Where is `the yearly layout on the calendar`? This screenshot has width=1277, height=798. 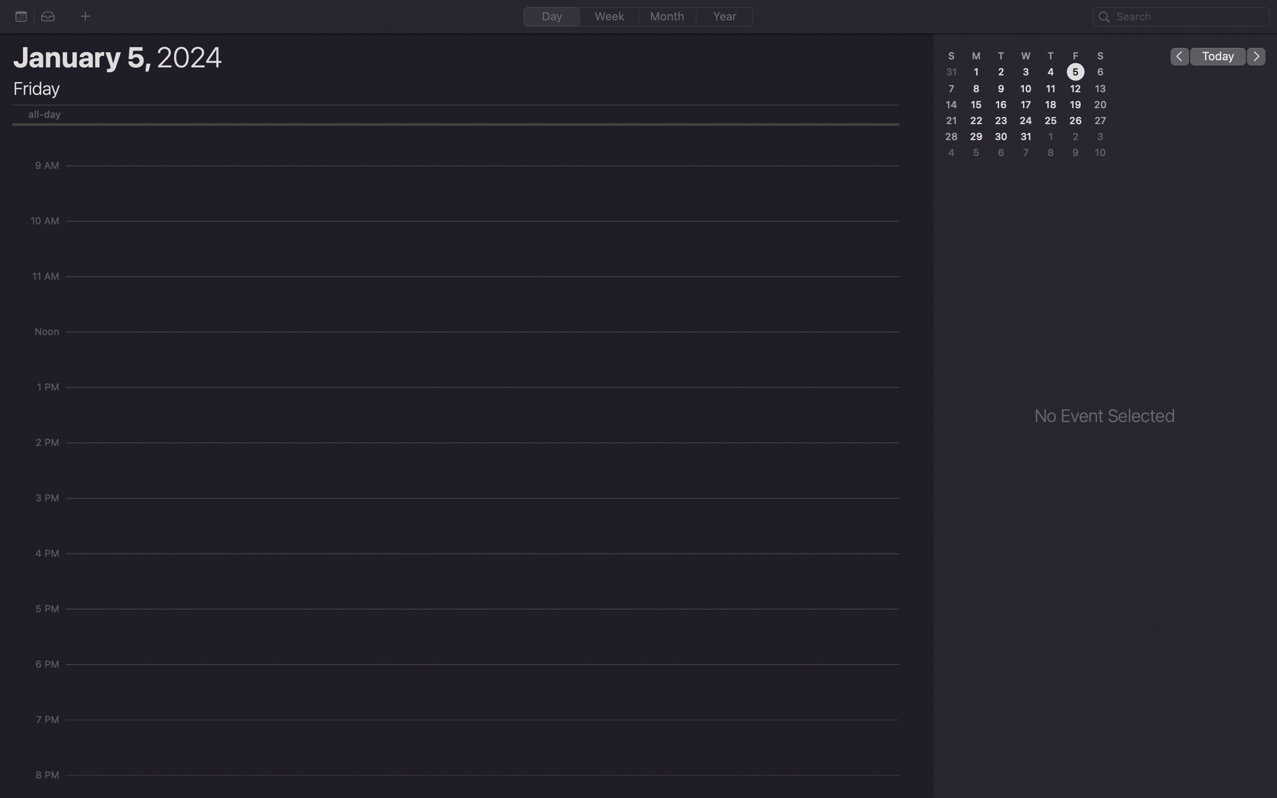 the yearly layout on the calendar is located at coordinates (724, 17).